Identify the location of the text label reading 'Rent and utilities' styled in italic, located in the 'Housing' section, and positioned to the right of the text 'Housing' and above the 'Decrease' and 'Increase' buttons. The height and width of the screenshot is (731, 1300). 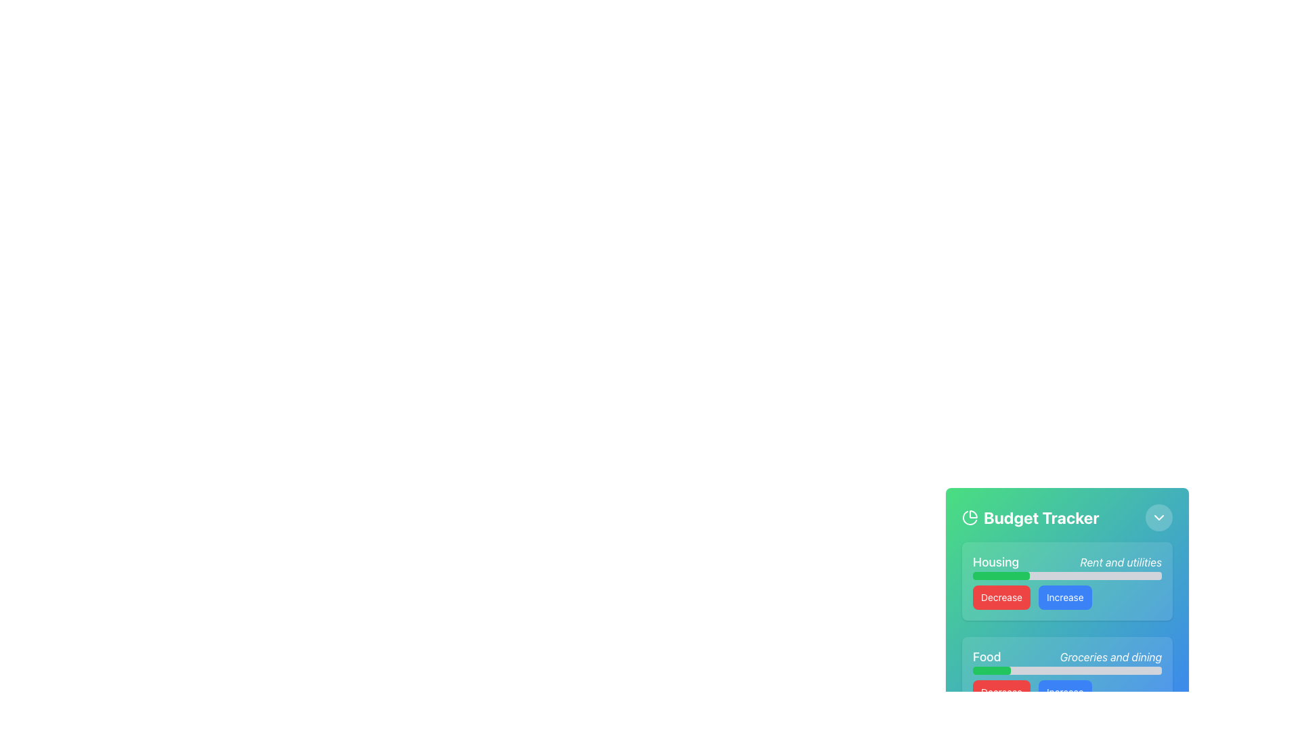
(1121, 562).